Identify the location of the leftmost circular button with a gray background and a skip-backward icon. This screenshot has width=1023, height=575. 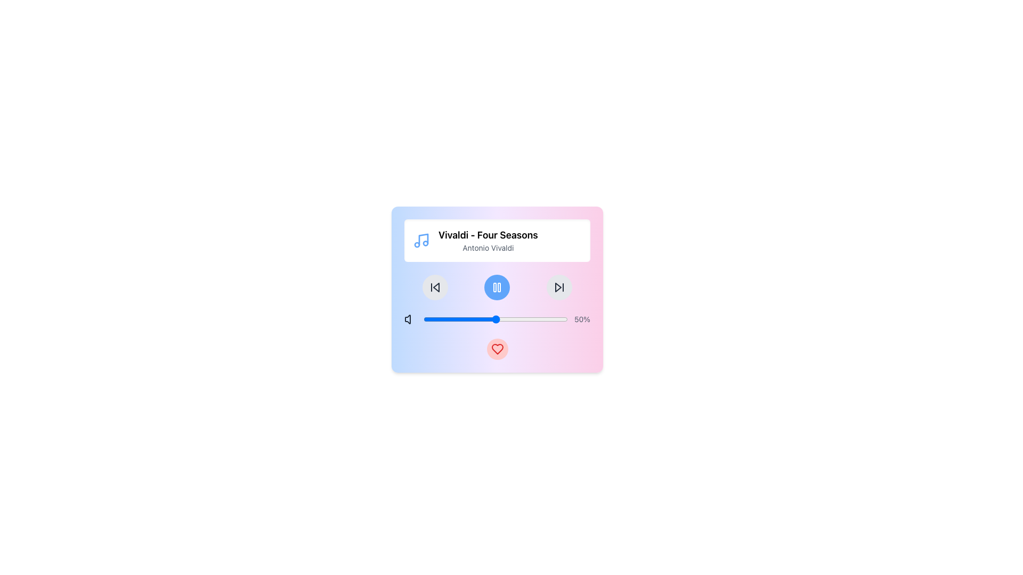
(435, 287).